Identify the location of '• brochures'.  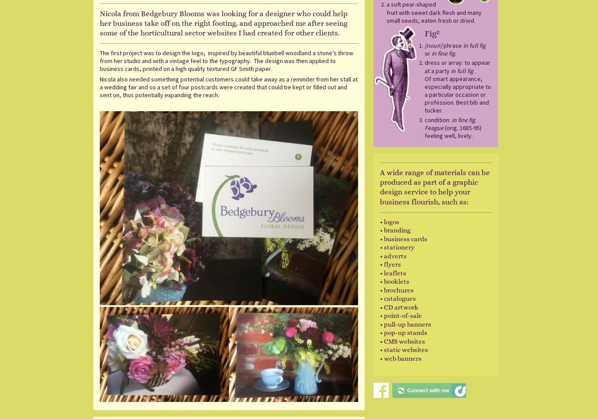
(396, 289).